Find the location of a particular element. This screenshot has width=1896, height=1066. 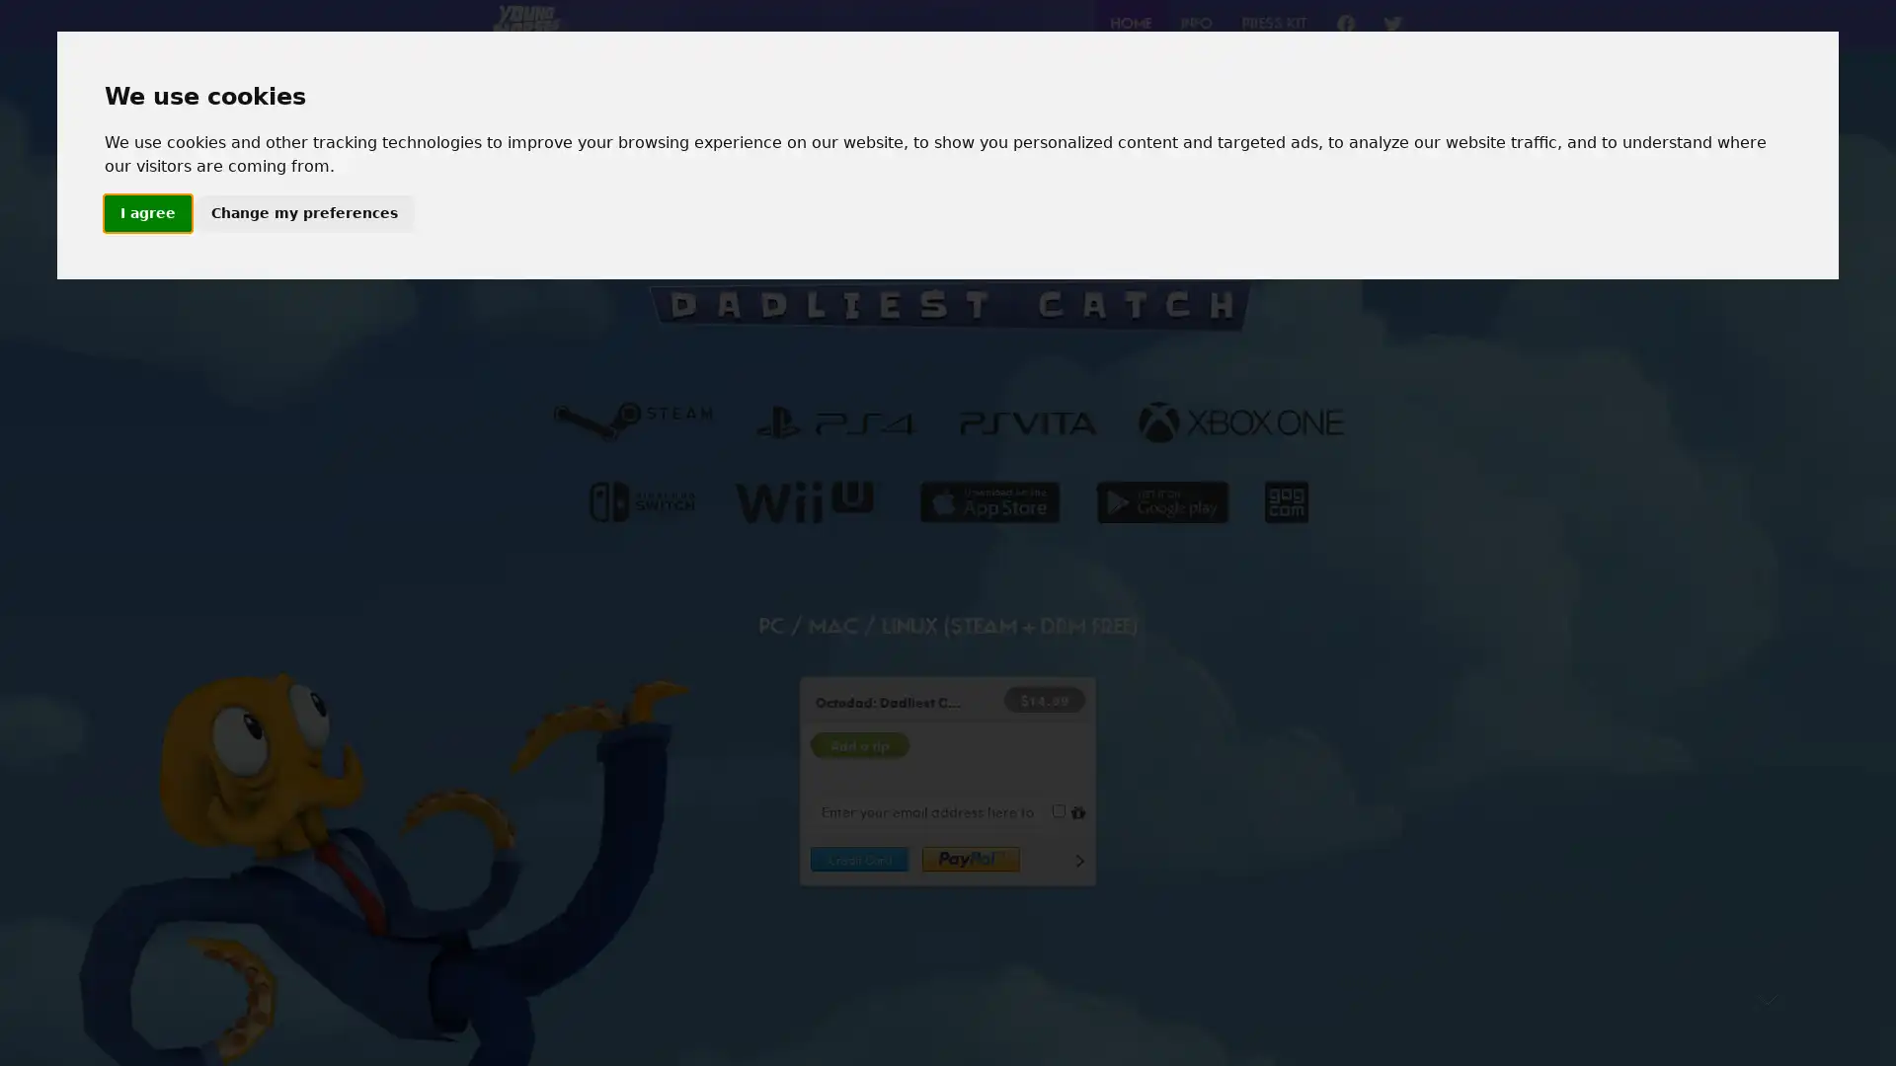

I agree is located at coordinates (145, 213).